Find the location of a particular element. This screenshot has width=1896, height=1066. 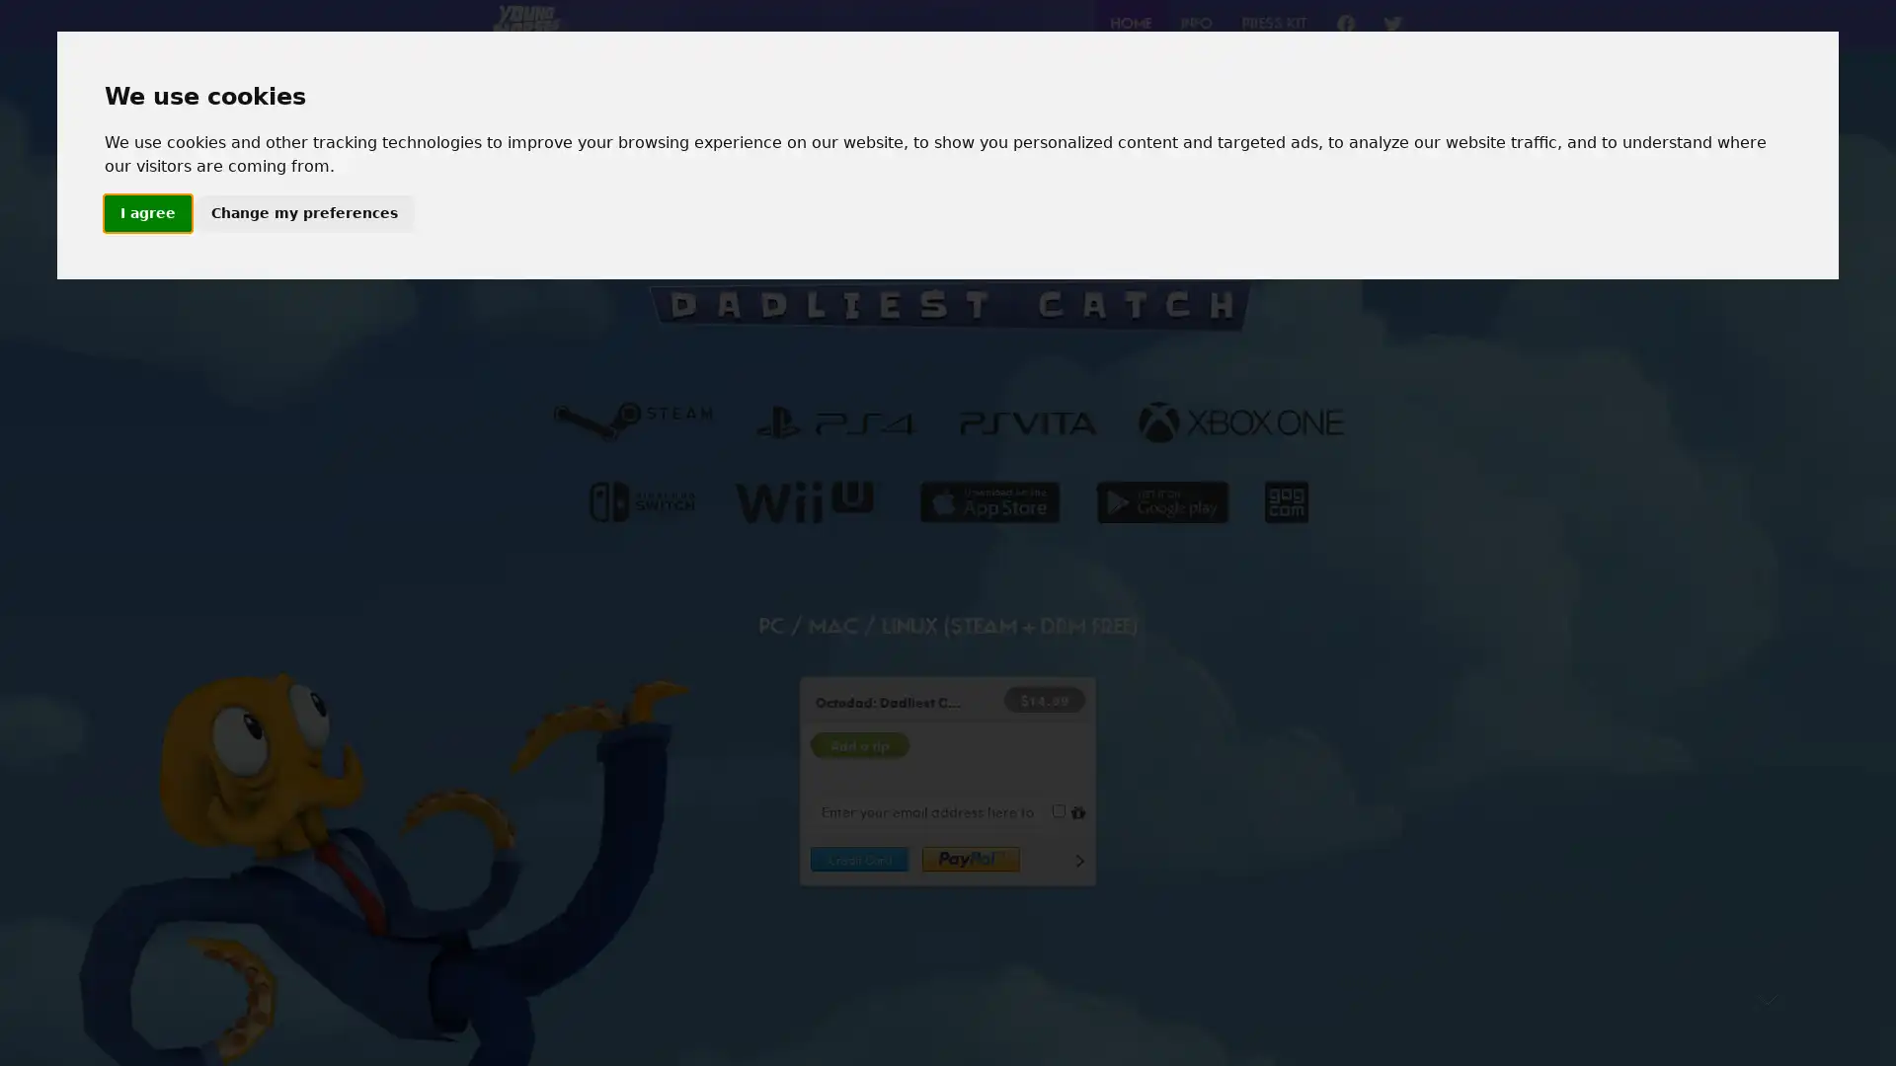

I agree is located at coordinates (145, 213).